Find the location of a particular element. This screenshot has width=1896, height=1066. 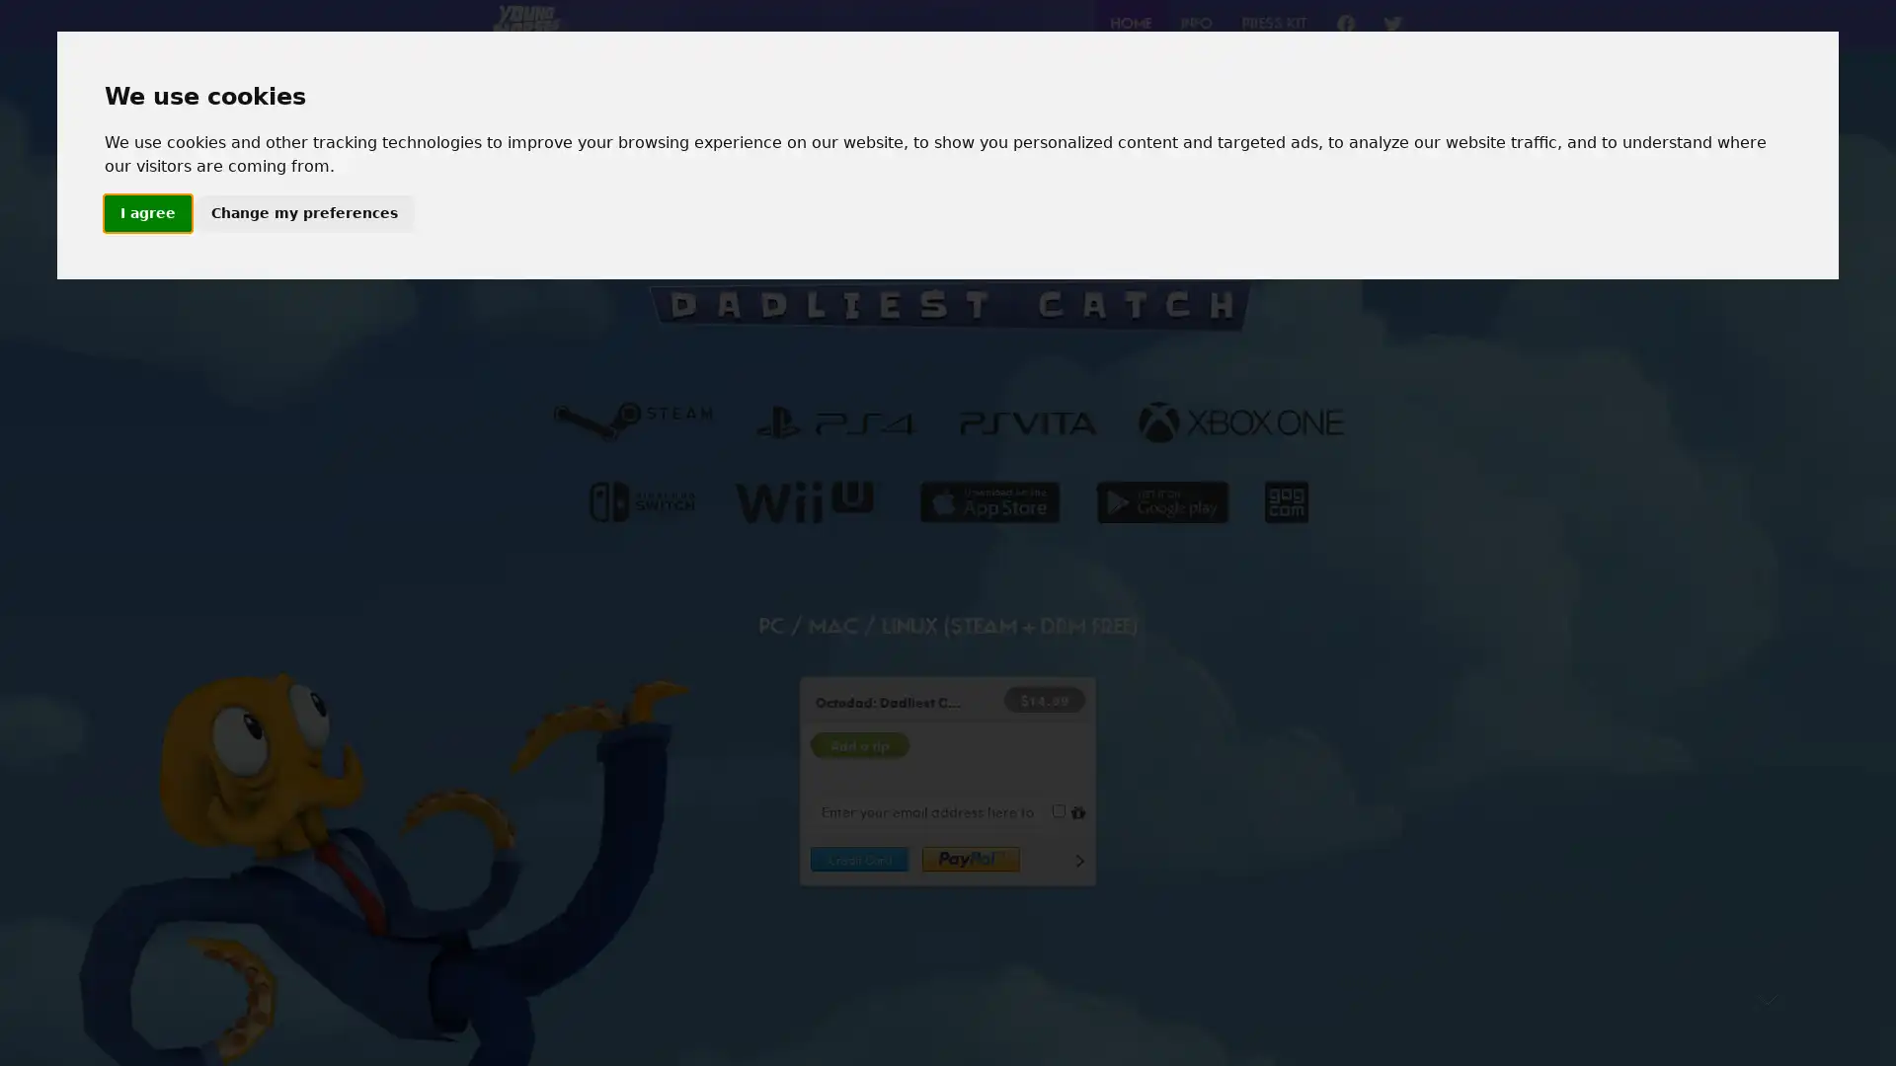

I agree is located at coordinates (145, 213).